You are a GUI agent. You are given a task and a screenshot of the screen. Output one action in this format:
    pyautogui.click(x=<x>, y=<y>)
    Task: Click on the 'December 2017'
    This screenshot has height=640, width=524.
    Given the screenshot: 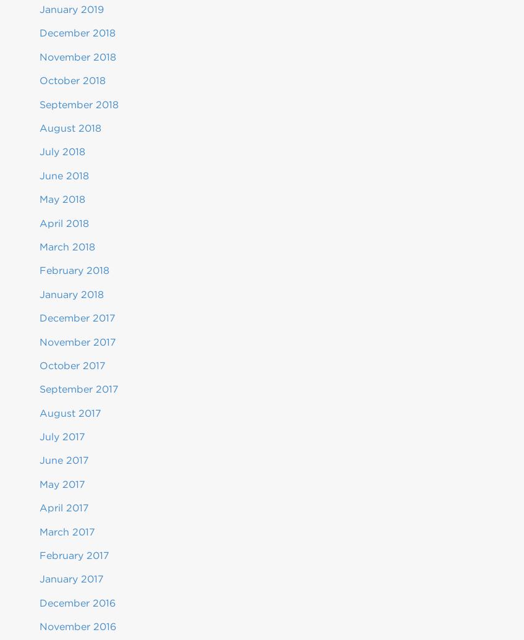 What is the action you would take?
    pyautogui.click(x=77, y=318)
    